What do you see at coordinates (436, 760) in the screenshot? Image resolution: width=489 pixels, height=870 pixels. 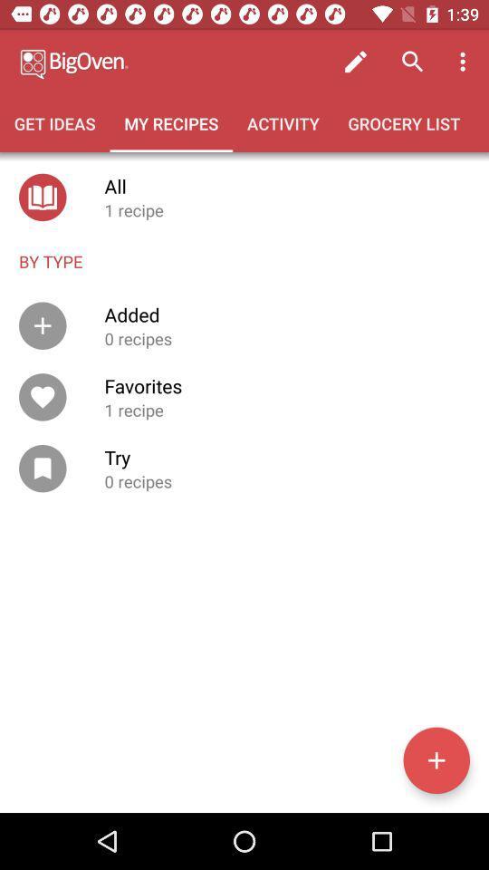 I see `item below the 0 recipes` at bounding box center [436, 760].